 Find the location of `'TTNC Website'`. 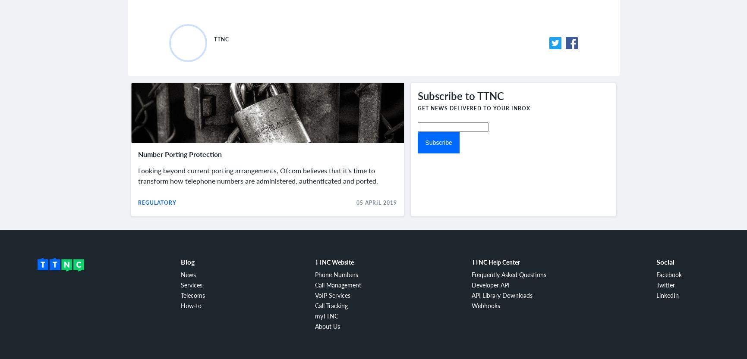

'TTNC Website' is located at coordinates (315, 262).